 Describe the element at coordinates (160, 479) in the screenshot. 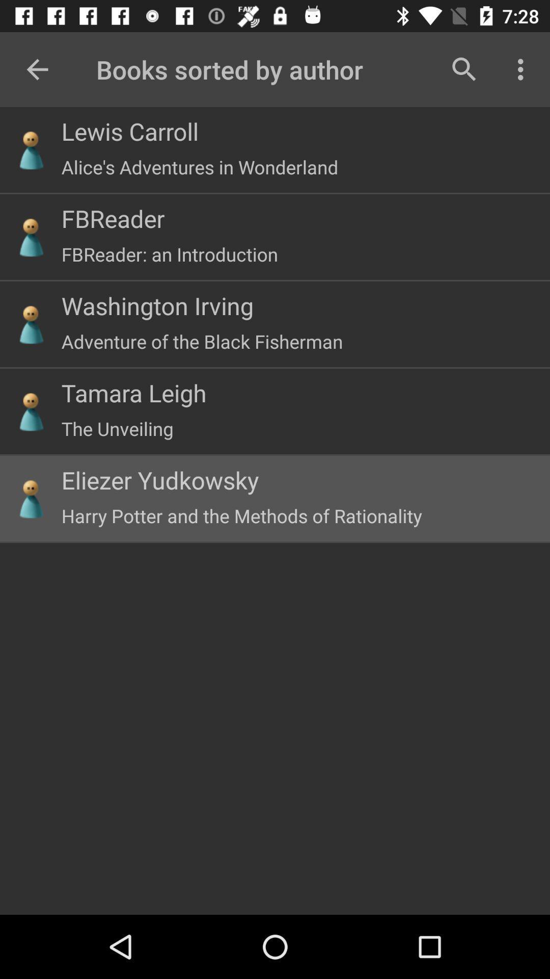

I see `eliezer yudkowsky item` at that location.